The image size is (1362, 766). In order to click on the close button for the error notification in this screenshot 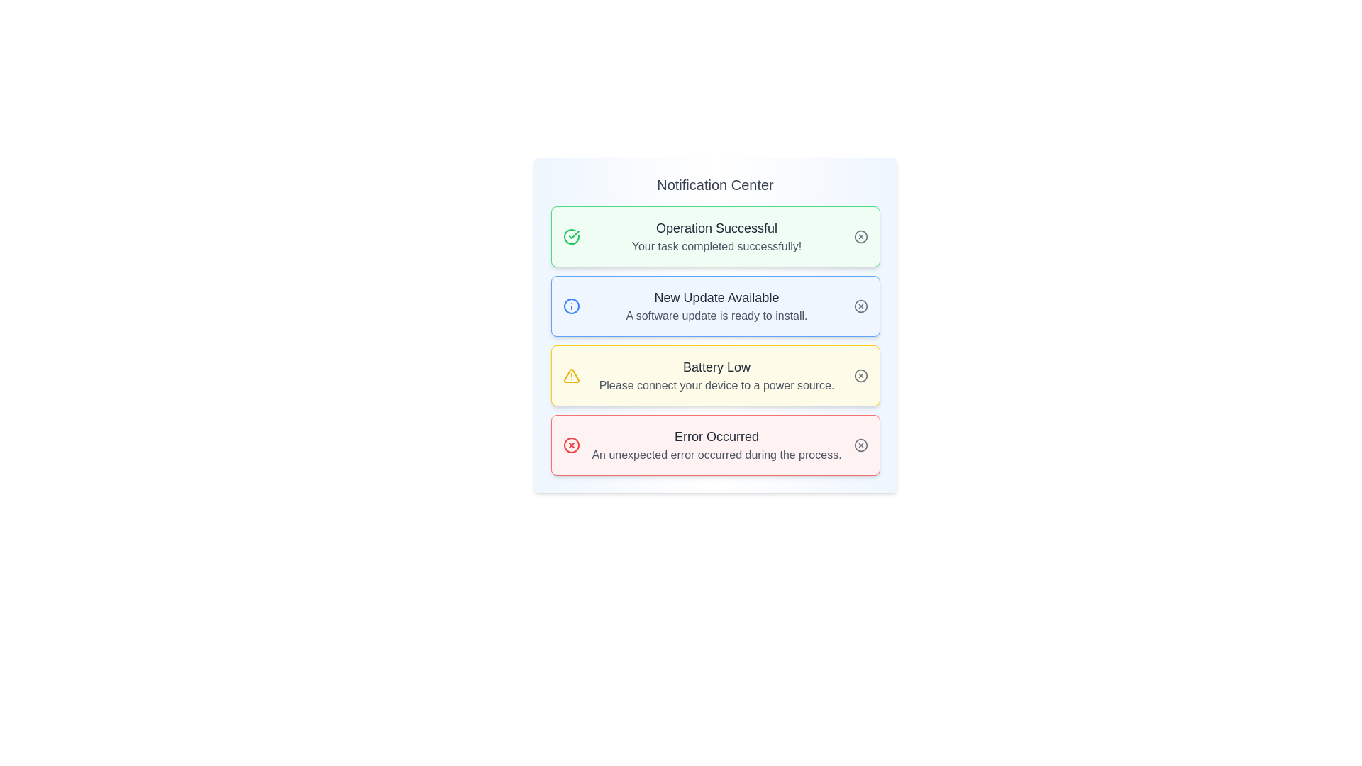, I will do `click(571, 445)`.